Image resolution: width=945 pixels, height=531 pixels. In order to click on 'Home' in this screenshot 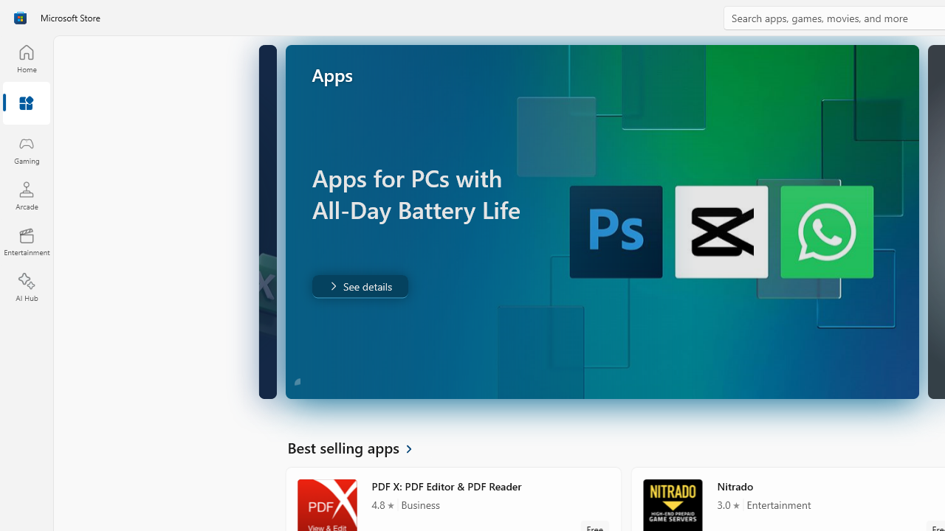, I will do `click(26, 58)`.